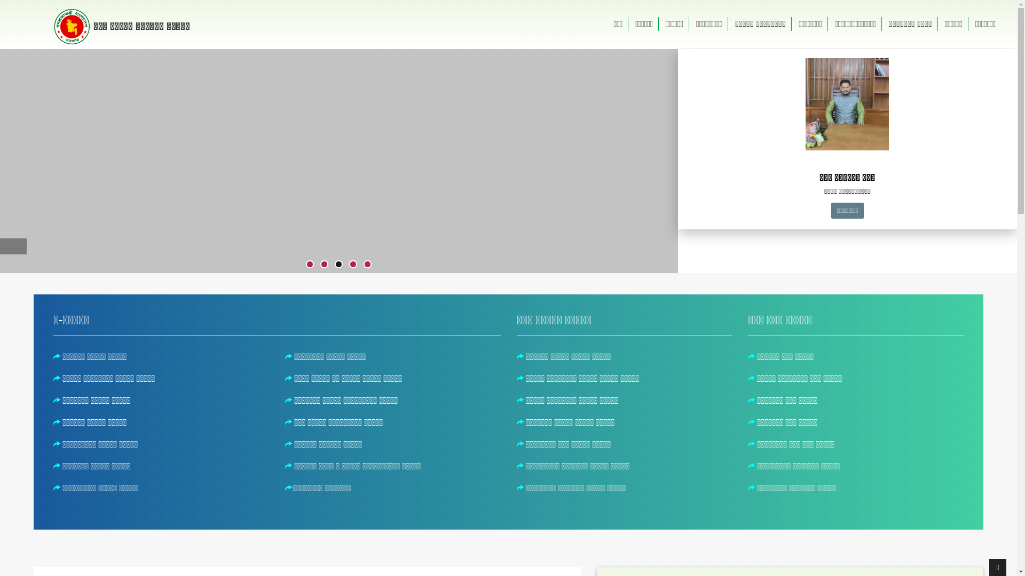  What do you see at coordinates (309, 264) in the screenshot?
I see `'1'` at bounding box center [309, 264].